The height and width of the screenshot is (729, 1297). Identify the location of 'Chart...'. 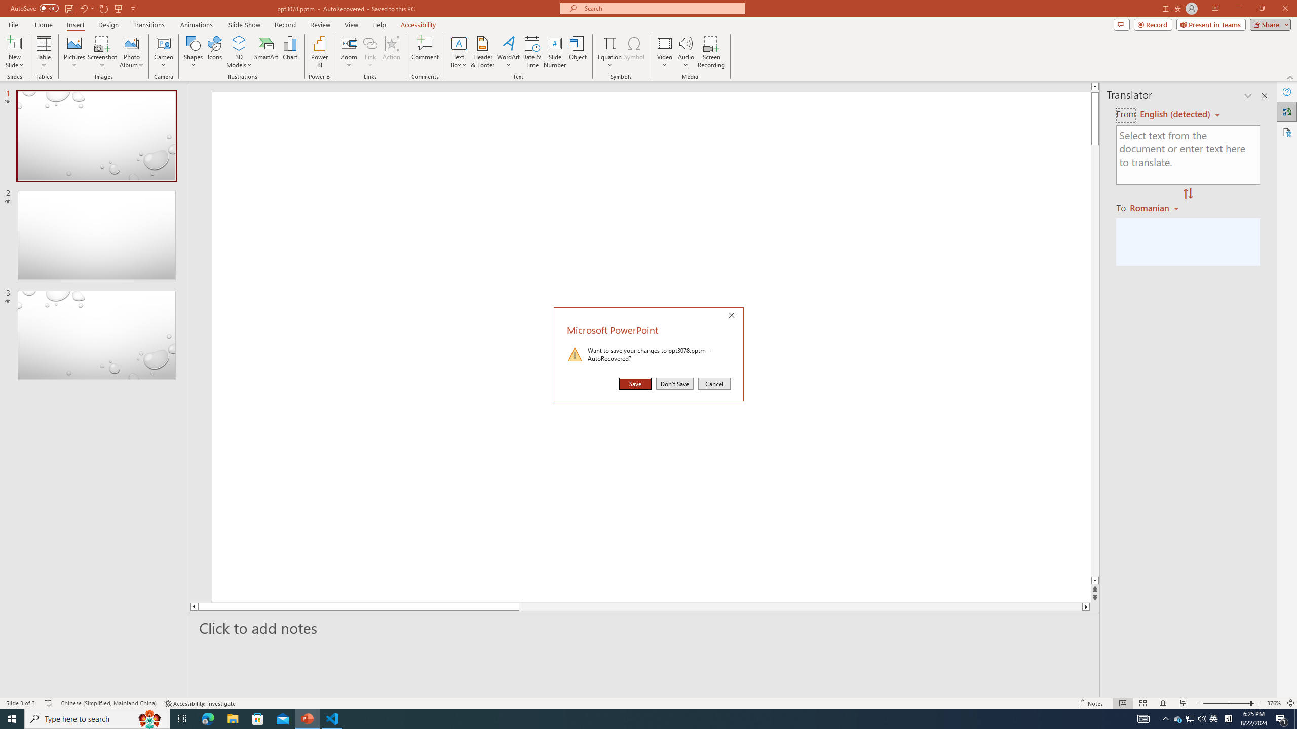
(290, 52).